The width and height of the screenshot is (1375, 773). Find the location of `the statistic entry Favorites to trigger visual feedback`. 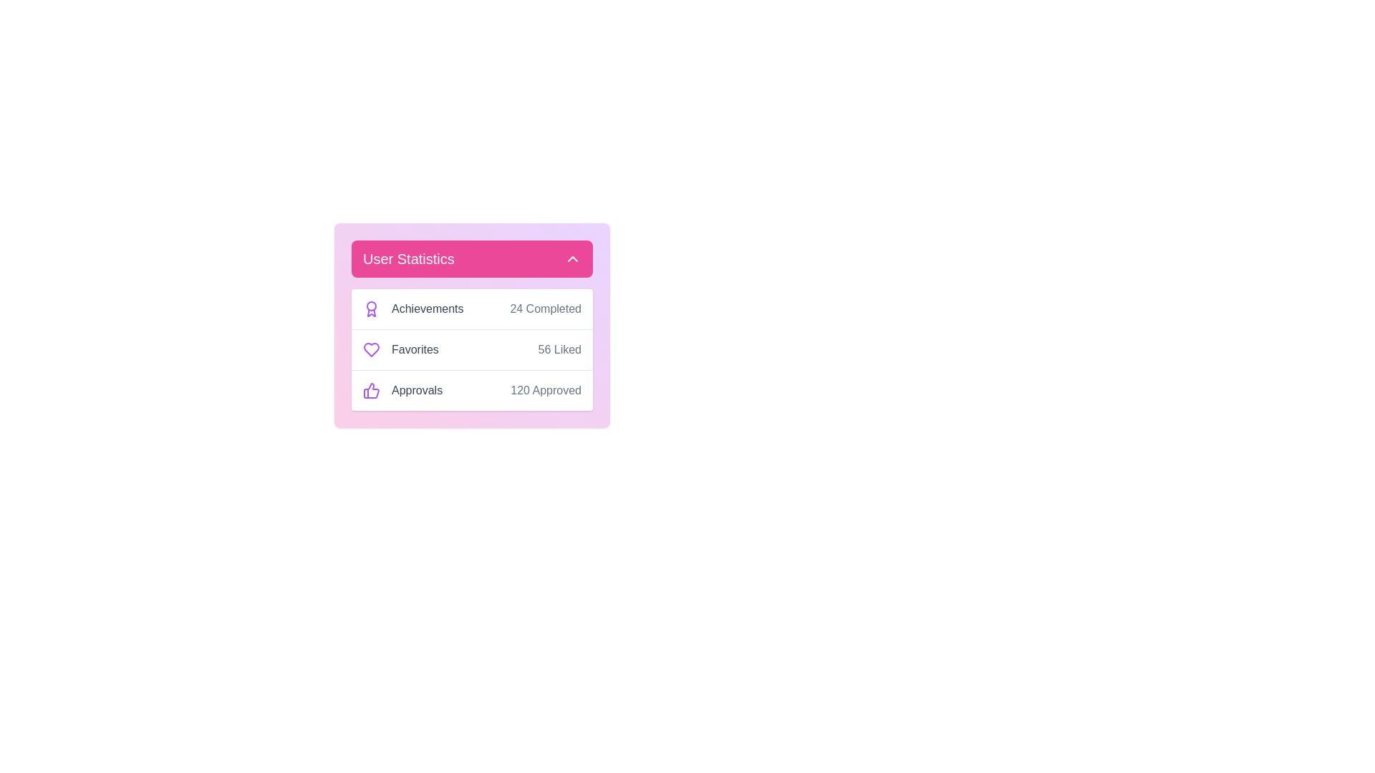

the statistic entry Favorites to trigger visual feedback is located at coordinates (407, 350).